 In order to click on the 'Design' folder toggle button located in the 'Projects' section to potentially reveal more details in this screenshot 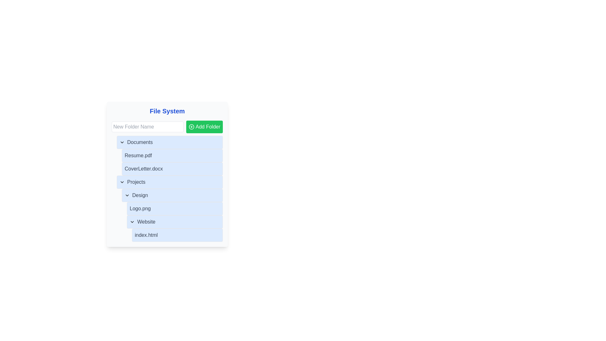, I will do `click(172, 195)`.